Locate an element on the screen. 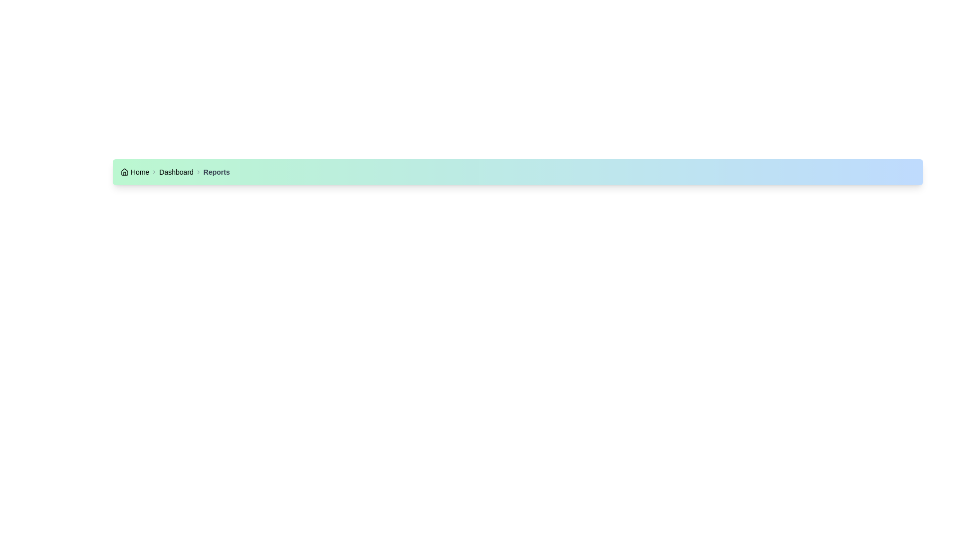  the 'Home' text label in the breadcrumb navigation bar is located at coordinates (139, 171).